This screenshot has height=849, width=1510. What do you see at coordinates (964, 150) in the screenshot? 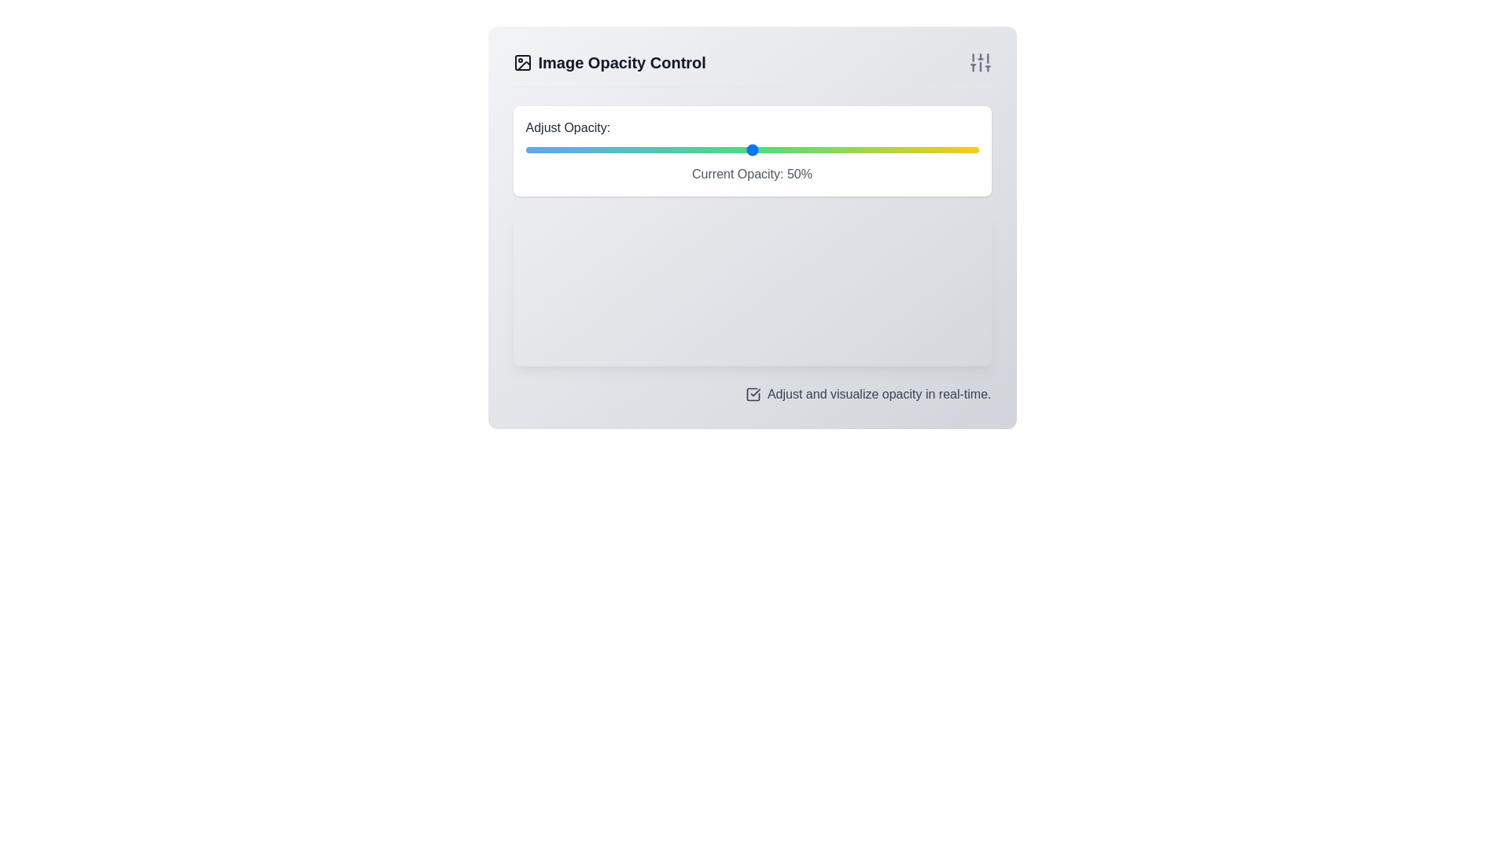
I see `the opacity` at bounding box center [964, 150].